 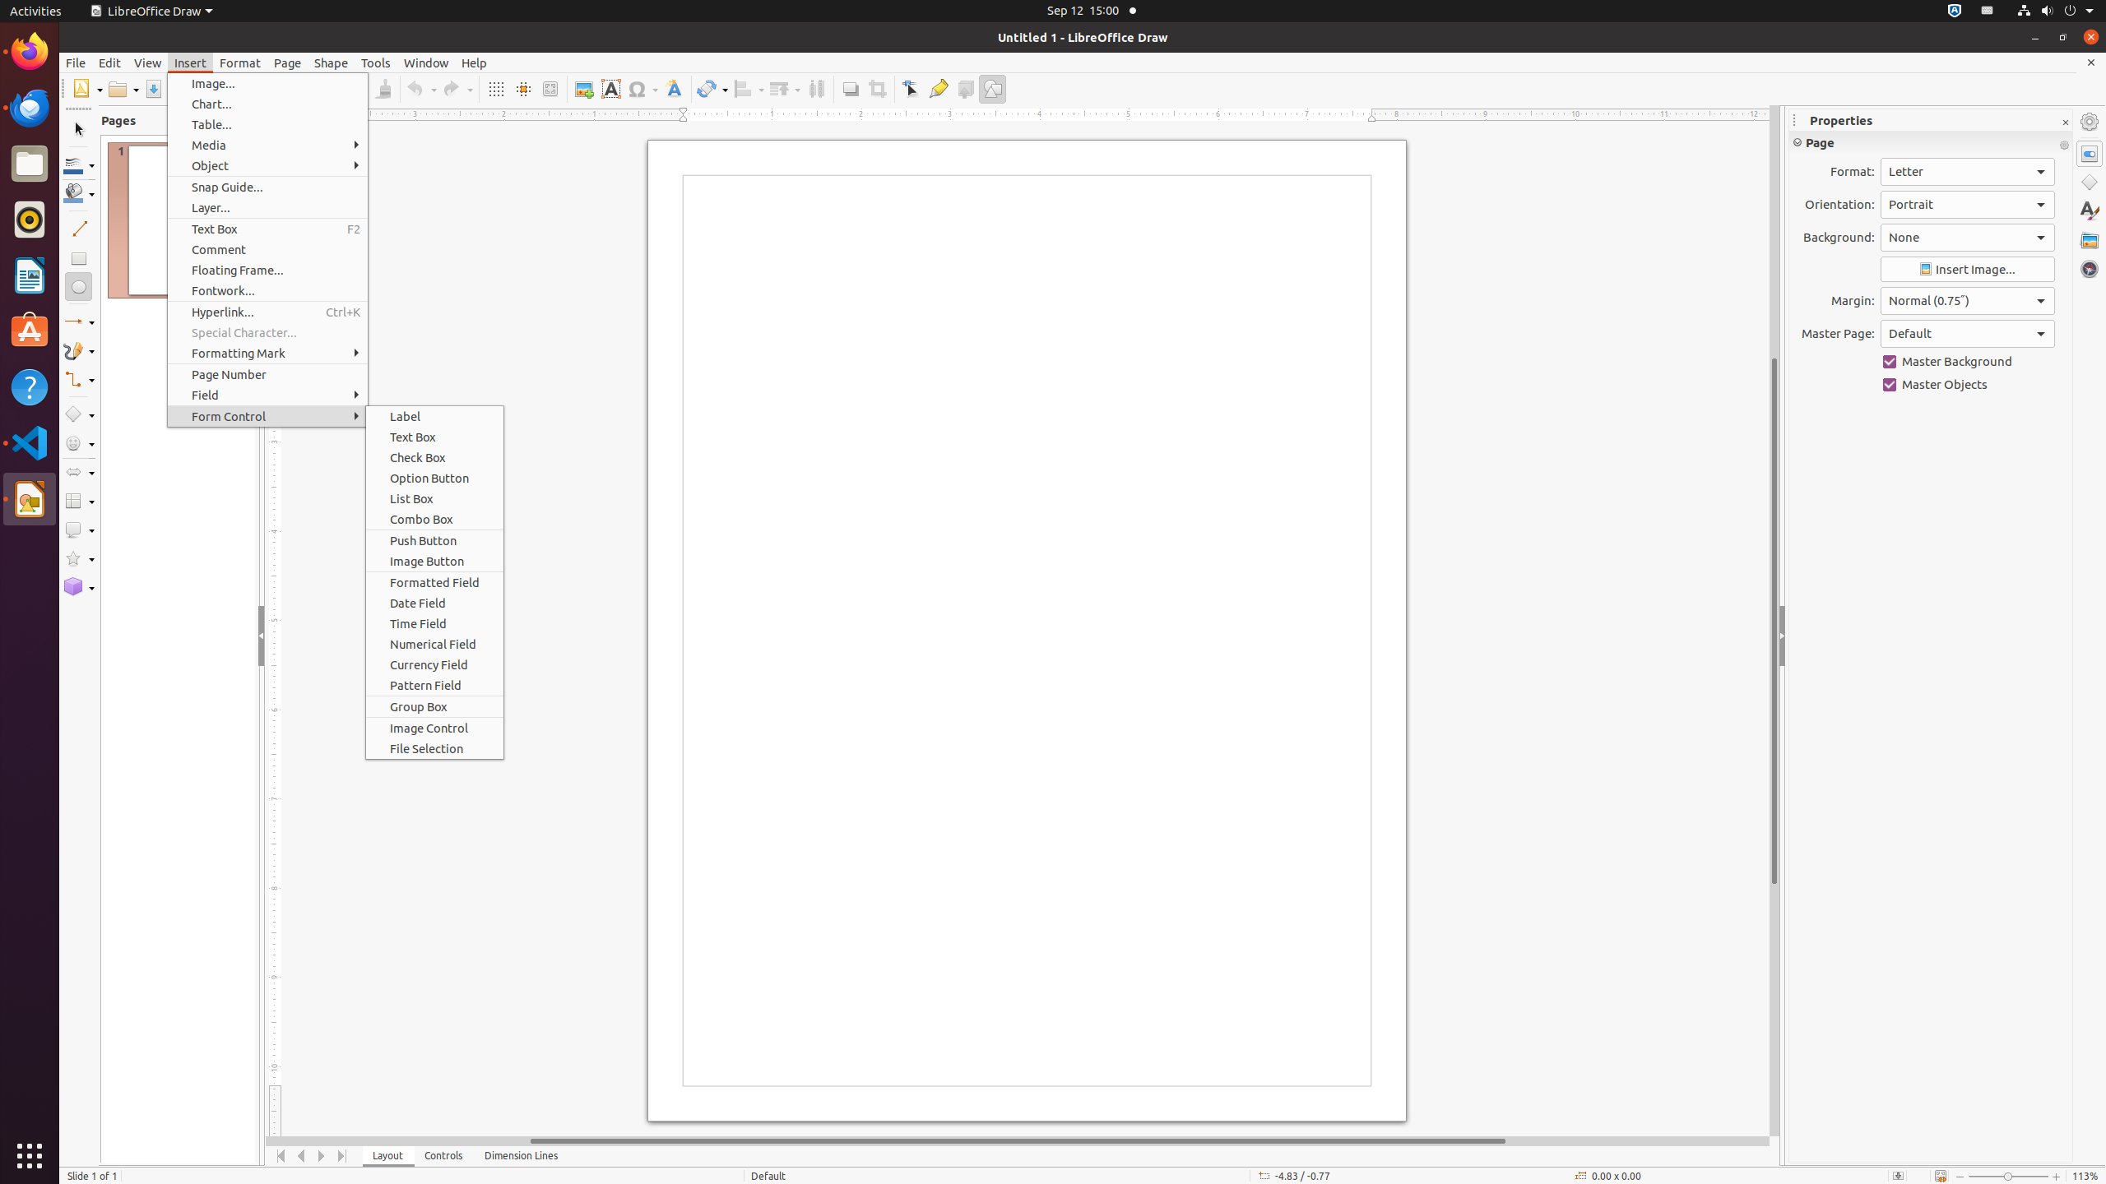 What do you see at coordinates (434, 560) in the screenshot?
I see `'Image Button'` at bounding box center [434, 560].